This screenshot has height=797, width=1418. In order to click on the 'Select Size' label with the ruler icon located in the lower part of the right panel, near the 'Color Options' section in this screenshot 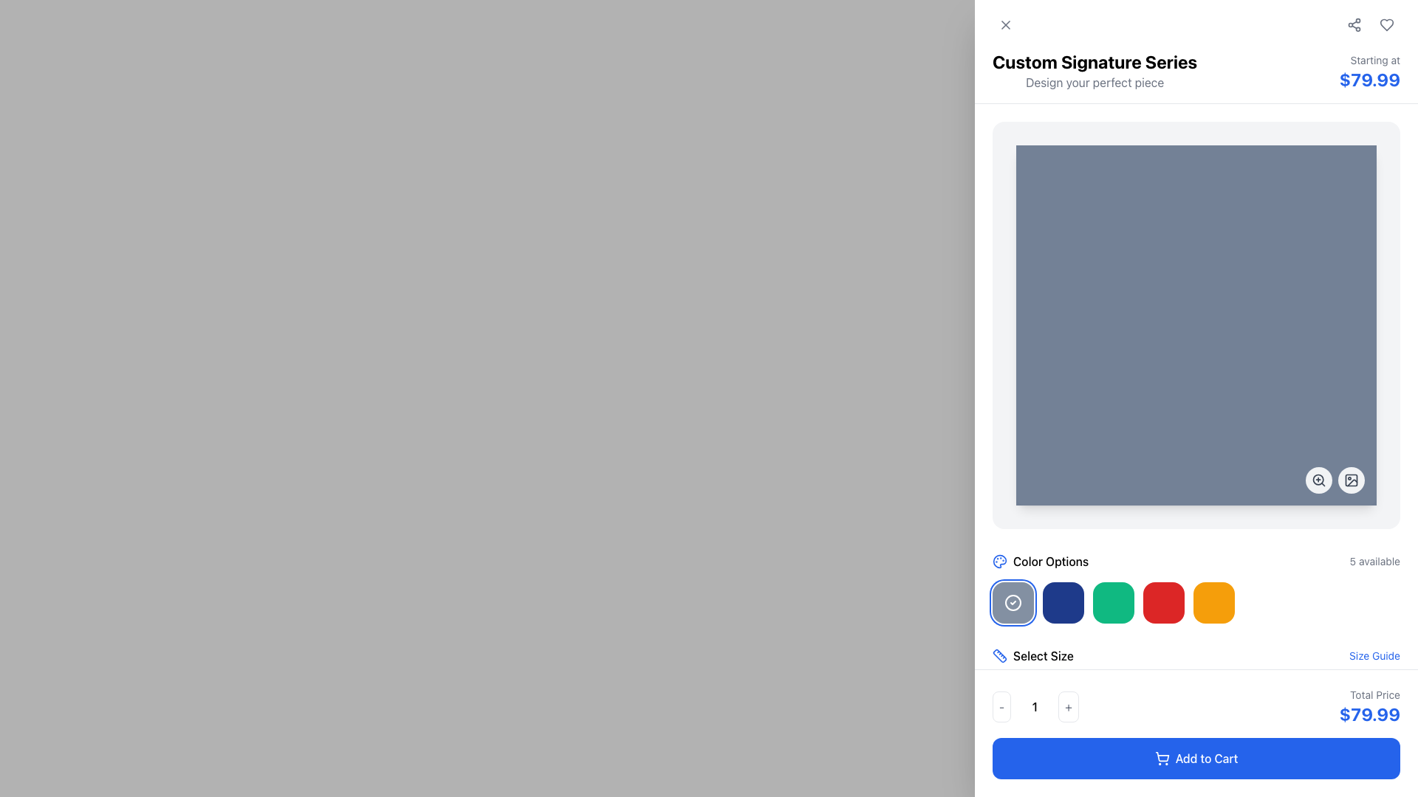, I will do `click(1032, 655)`.